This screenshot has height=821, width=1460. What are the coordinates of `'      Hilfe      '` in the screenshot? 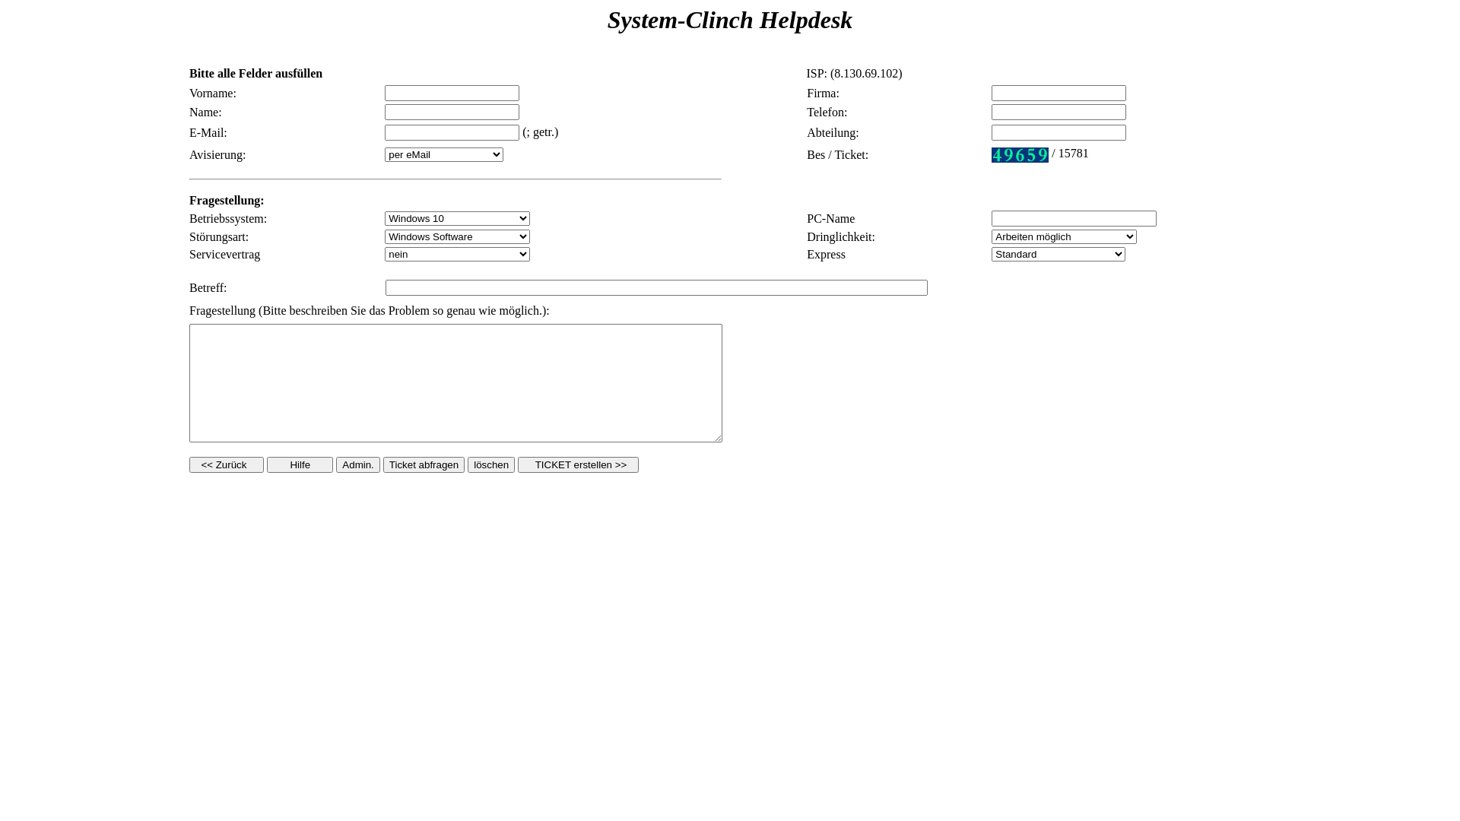 It's located at (300, 463).